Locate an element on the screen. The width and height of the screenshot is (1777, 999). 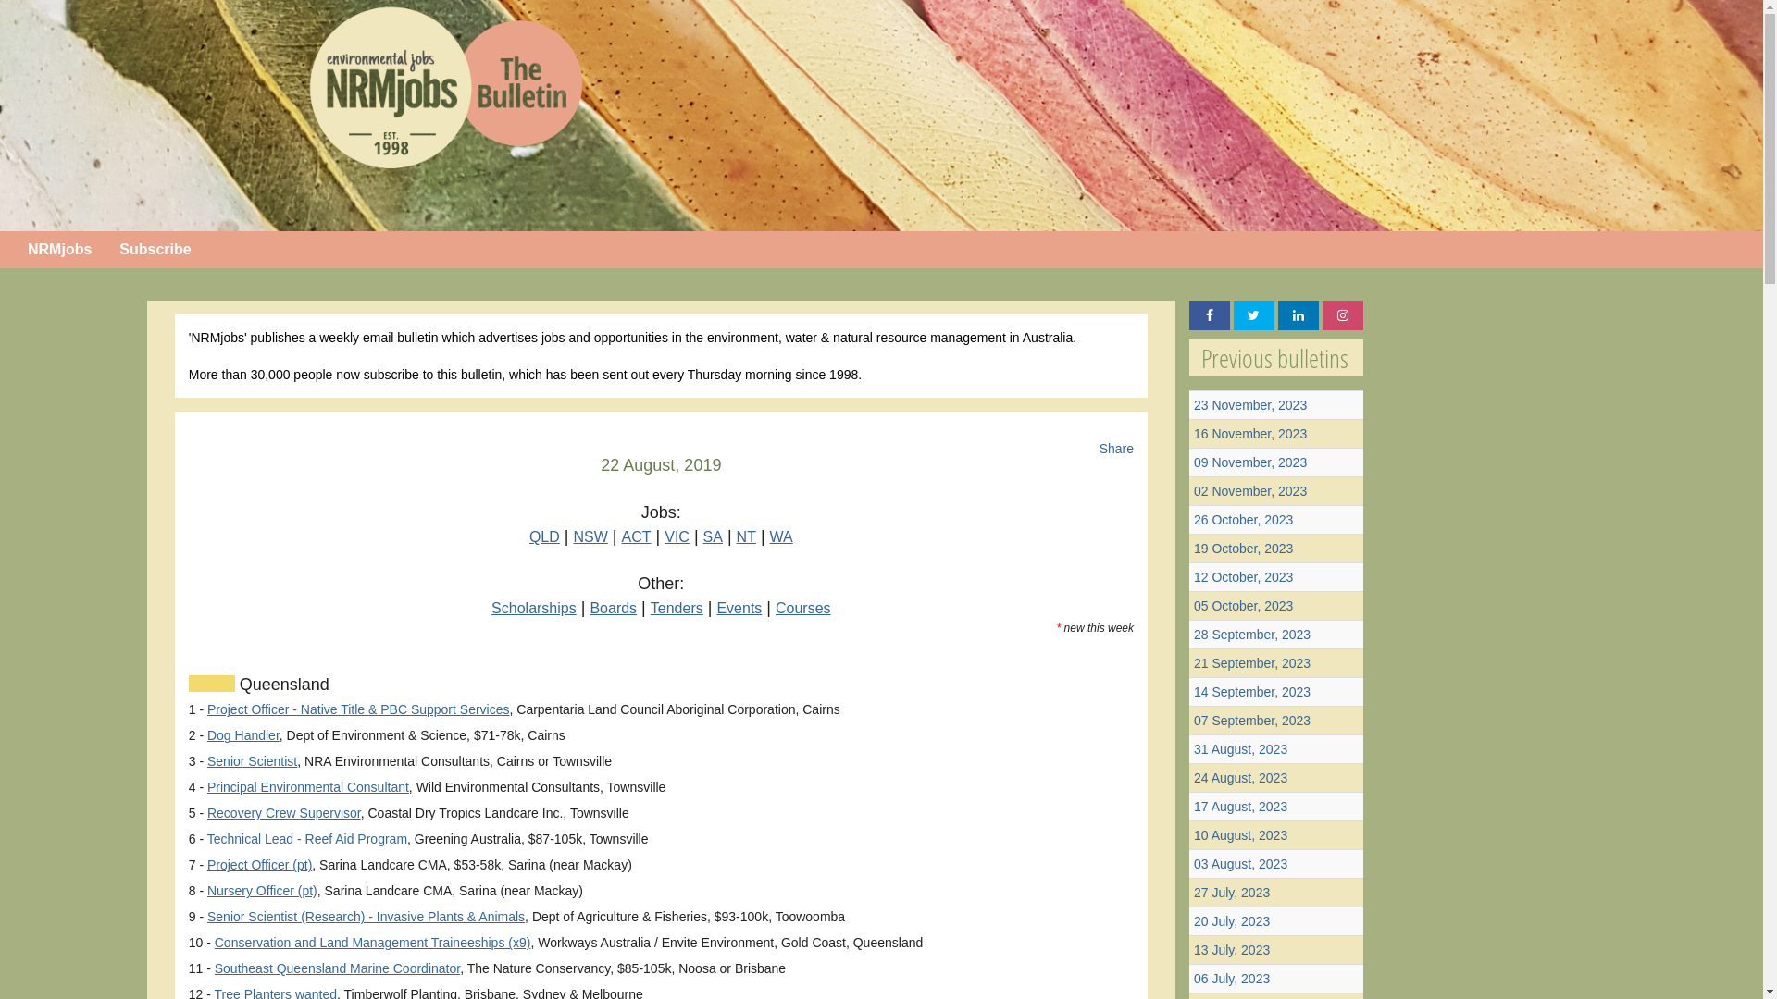
'ACT' is located at coordinates (636, 536).